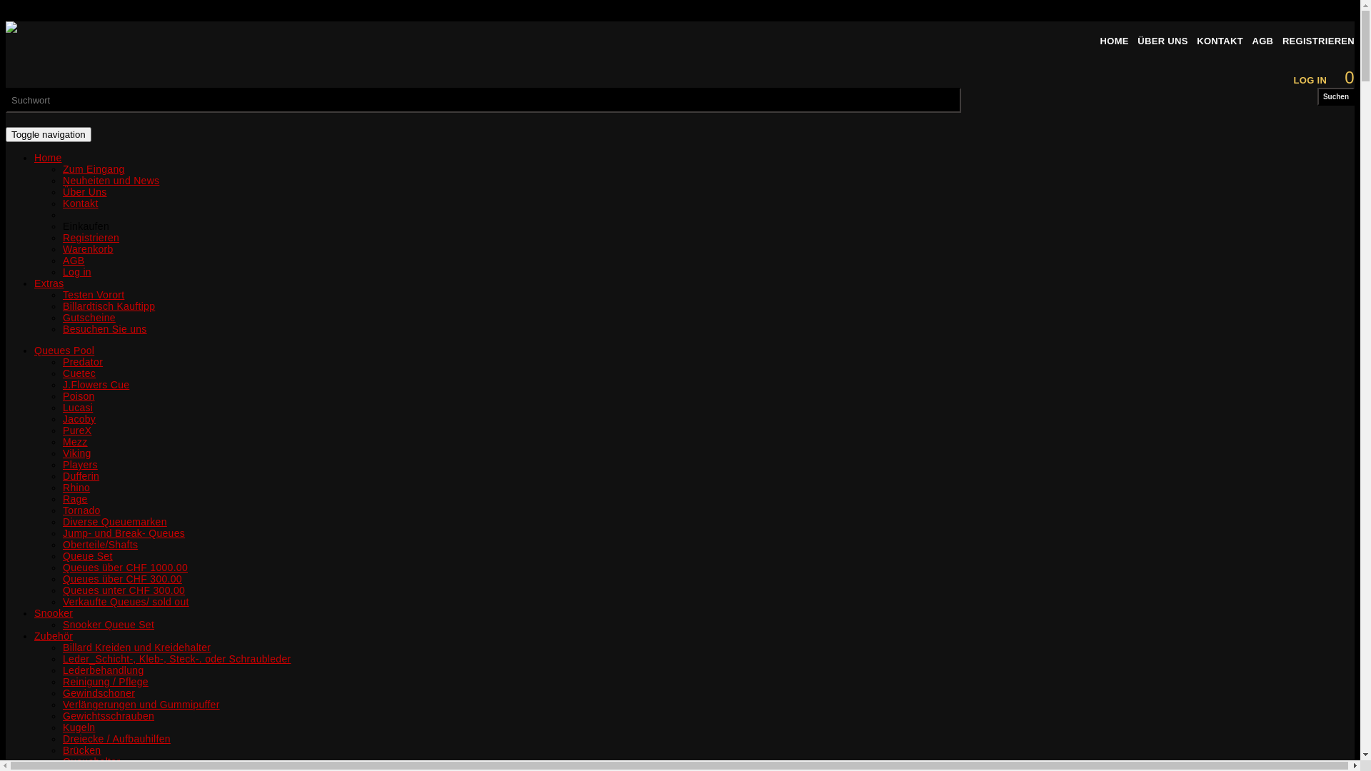 The width and height of the screenshot is (1371, 771). I want to click on 'Rhino', so click(75, 486).